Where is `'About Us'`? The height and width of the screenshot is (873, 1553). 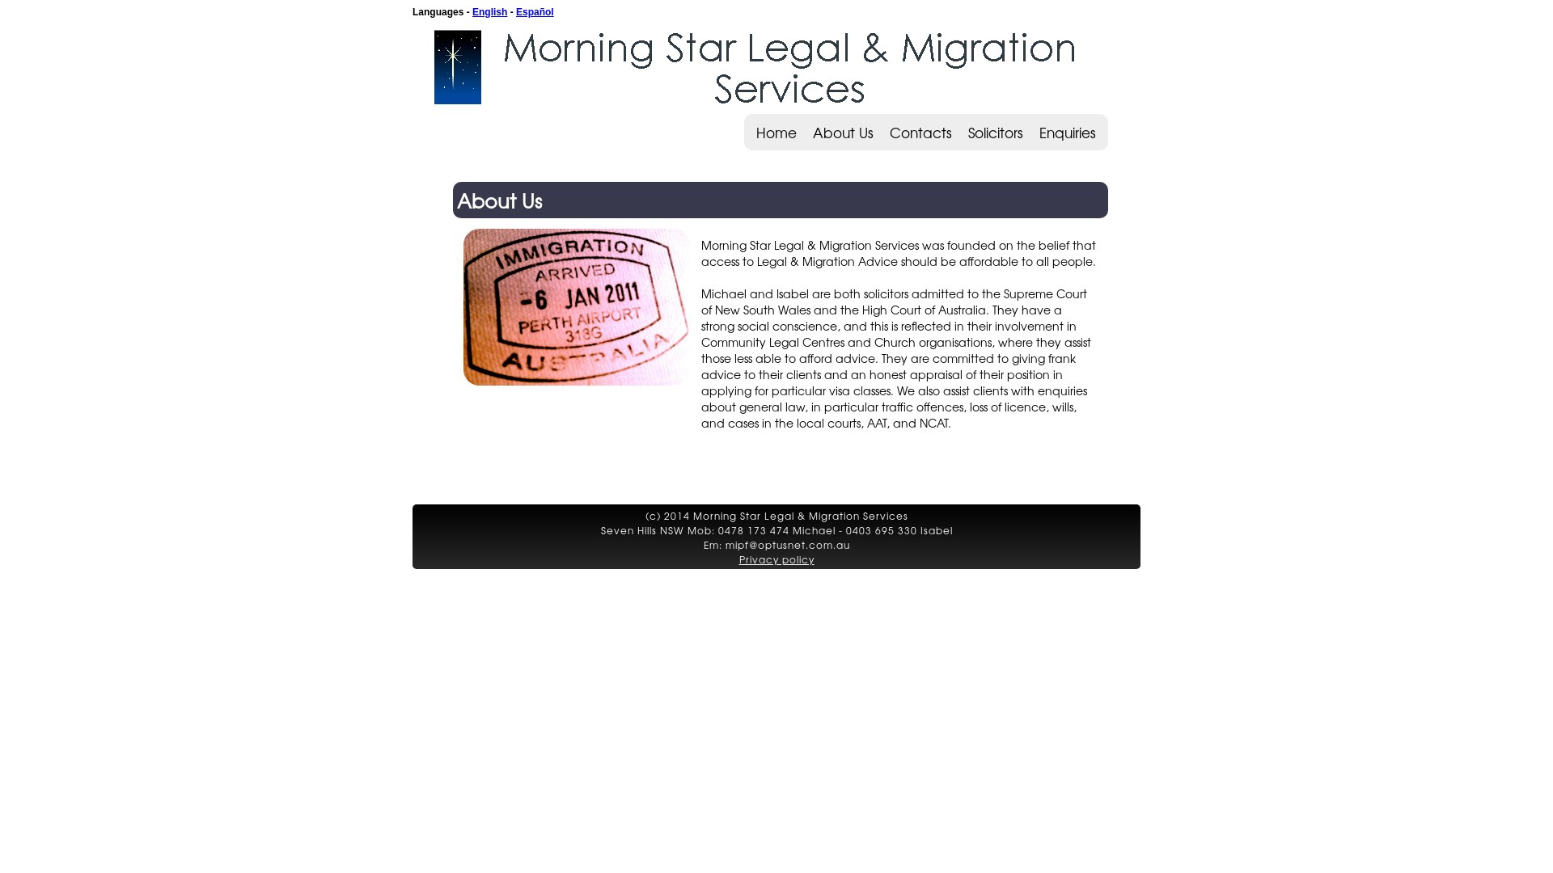
'About Us' is located at coordinates (842, 131).